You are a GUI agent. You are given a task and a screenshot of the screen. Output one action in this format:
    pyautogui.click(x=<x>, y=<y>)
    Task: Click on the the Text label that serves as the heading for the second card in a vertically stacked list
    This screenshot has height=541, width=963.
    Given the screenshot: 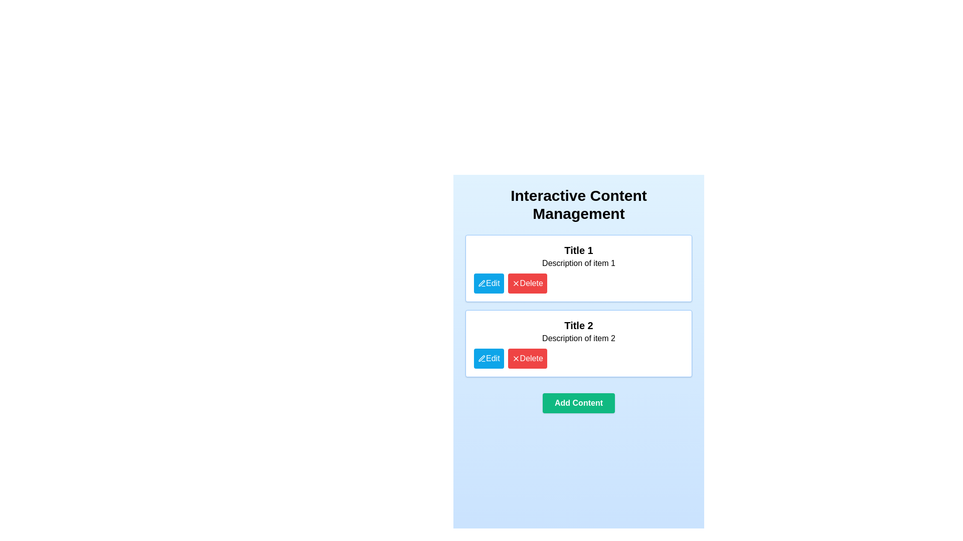 What is the action you would take?
    pyautogui.click(x=578, y=326)
    